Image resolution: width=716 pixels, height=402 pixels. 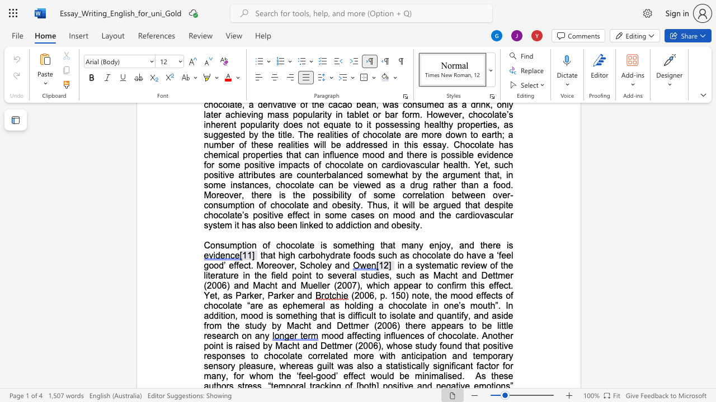 I want to click on the 2th character "f" in the text, so click(x=272, y=275).